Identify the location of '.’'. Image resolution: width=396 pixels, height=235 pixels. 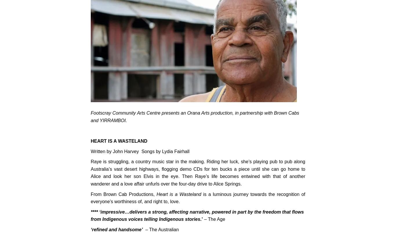
(201, 219).